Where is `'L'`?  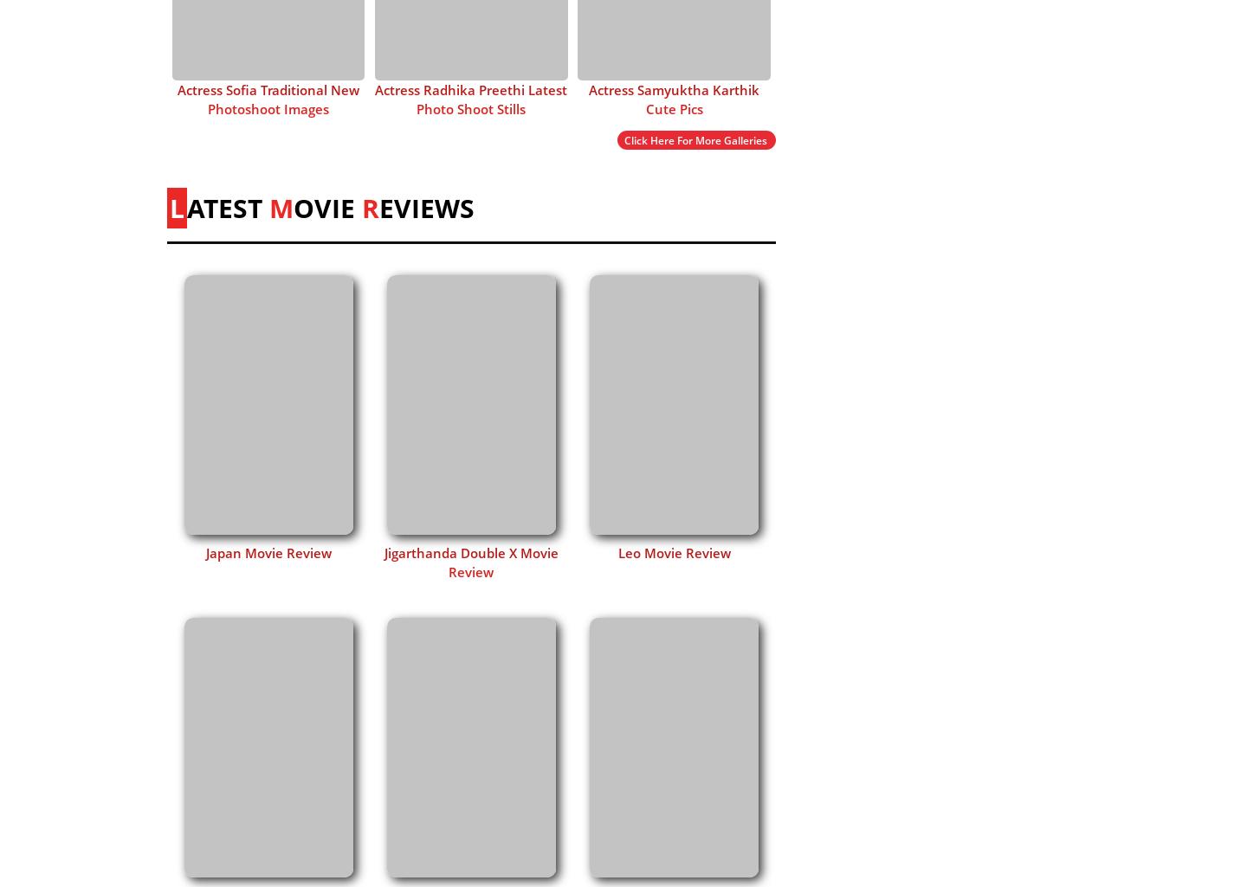 'L' is located at coordinates (177, 206).